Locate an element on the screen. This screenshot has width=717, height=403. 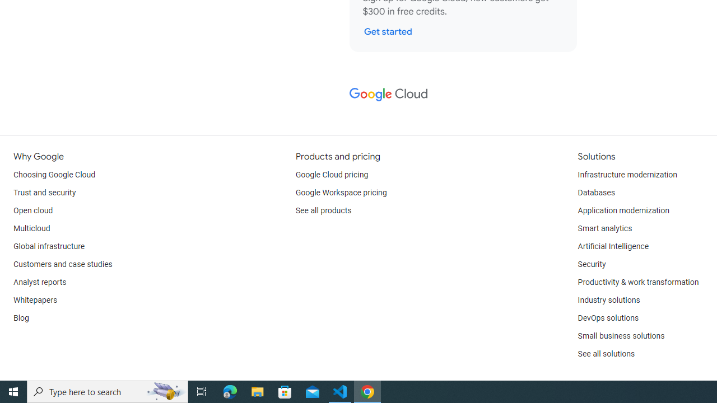
'See all products' is located at coordinates (323, 210).